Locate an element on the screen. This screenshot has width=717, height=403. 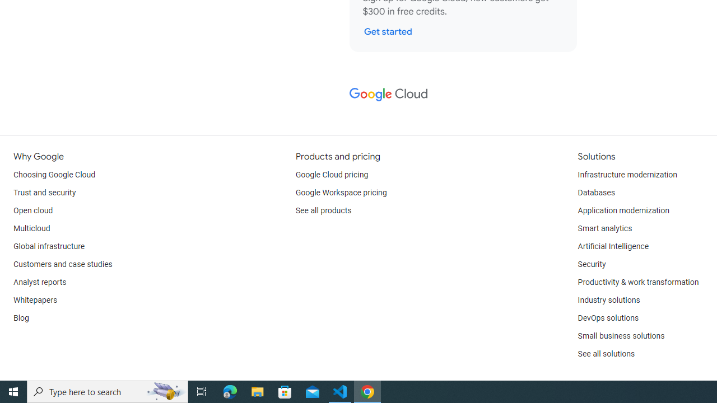
'See all products' is located at coordinates (323, 210).